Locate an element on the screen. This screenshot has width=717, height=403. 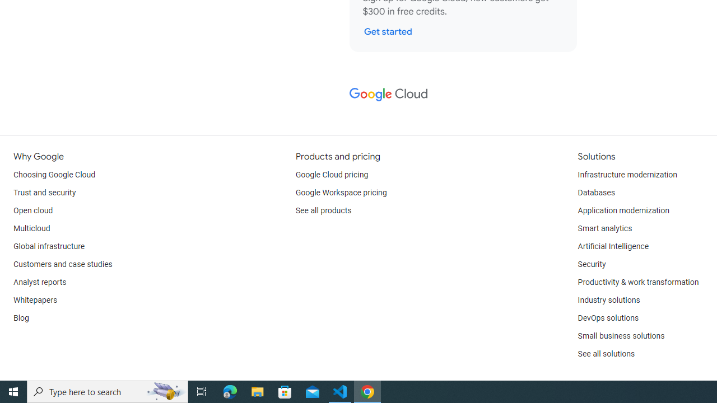
'See all products' is located at coordinates (323, 210).